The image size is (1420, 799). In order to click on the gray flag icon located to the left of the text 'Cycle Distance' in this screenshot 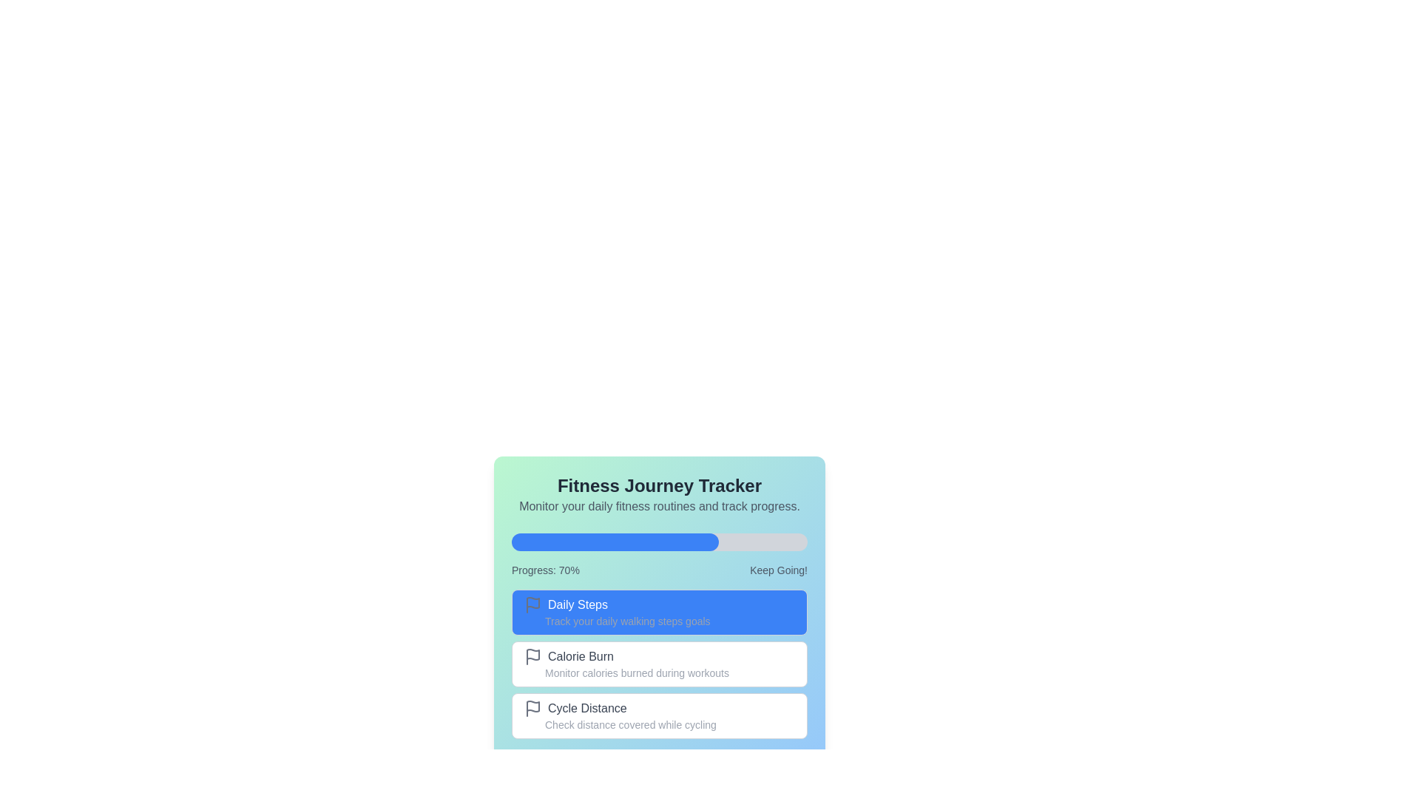, I will do `click(532, 707)`.